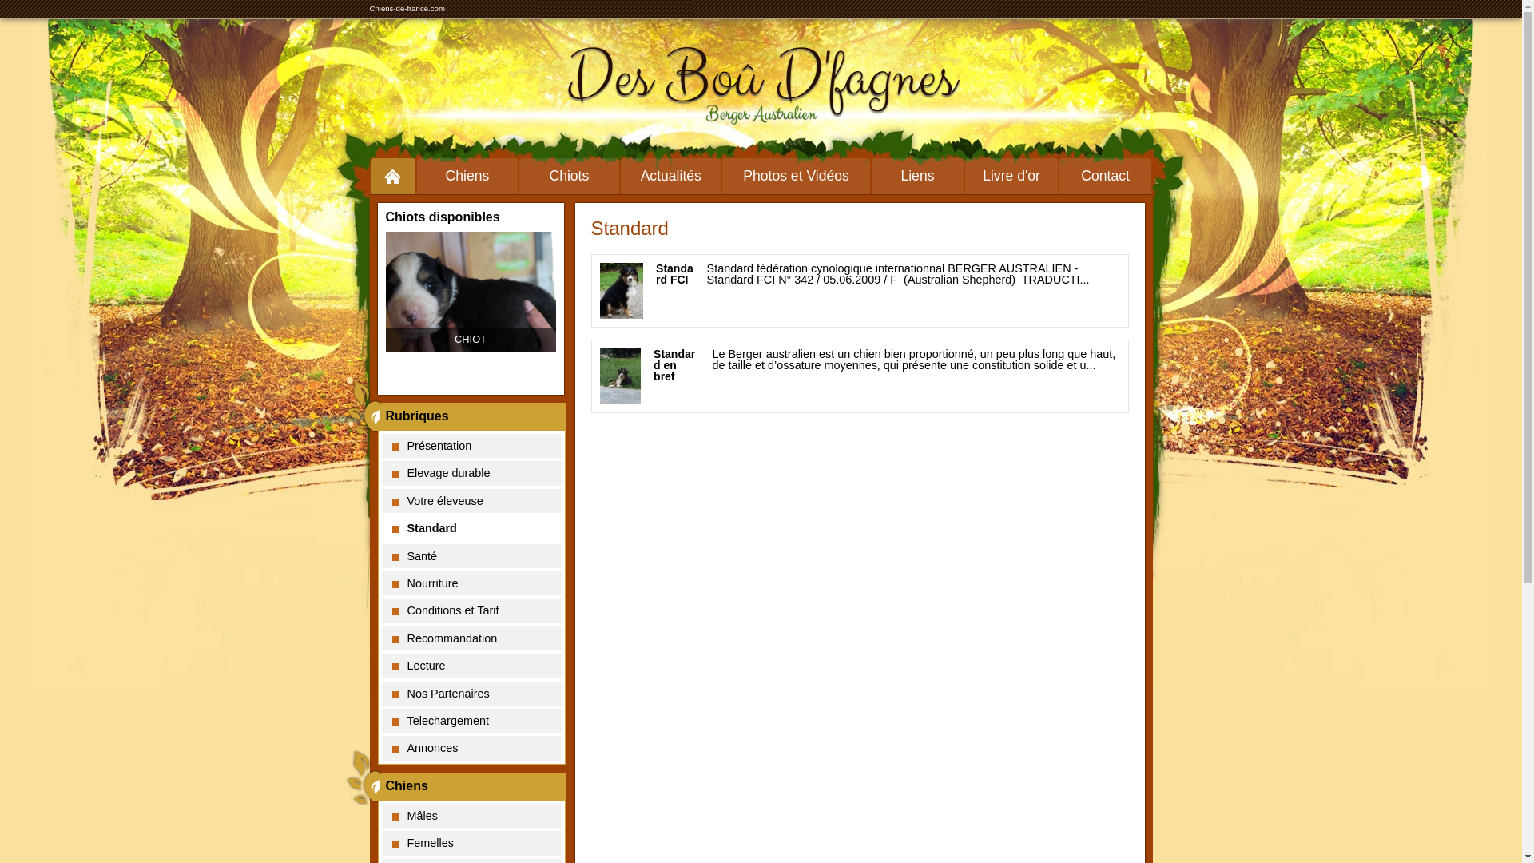 The width and height of the screenshot is (1534, 863). Describe the element at coordinates (471, 637) in the screenshot. I see `'Recommandation'` at that location.